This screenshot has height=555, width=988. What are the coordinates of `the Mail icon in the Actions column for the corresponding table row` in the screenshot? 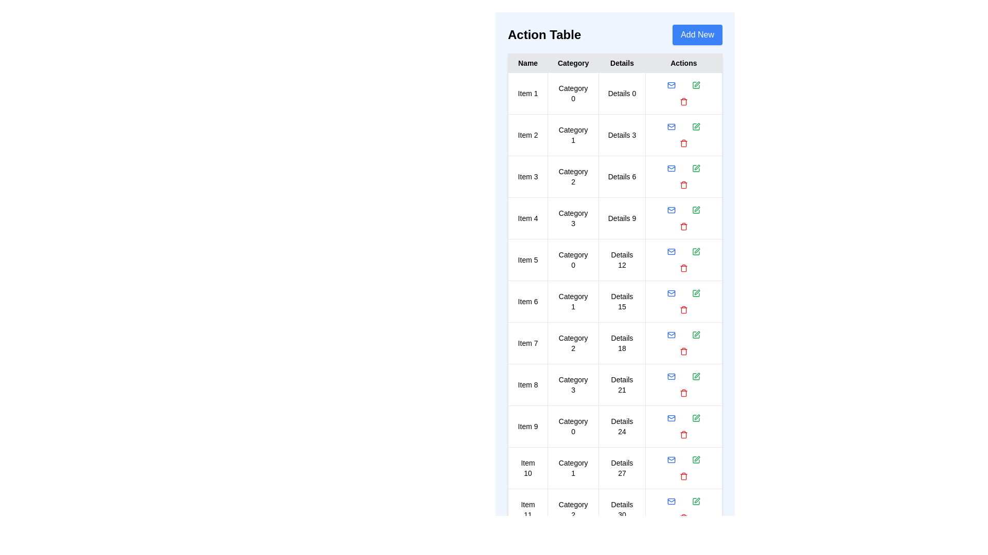 It's located at (671, 84).